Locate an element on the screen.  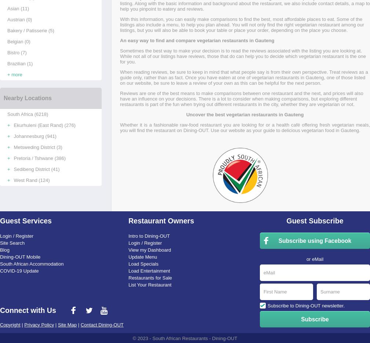
'Metsweding District (3)' is located at coordinates (38, 147).